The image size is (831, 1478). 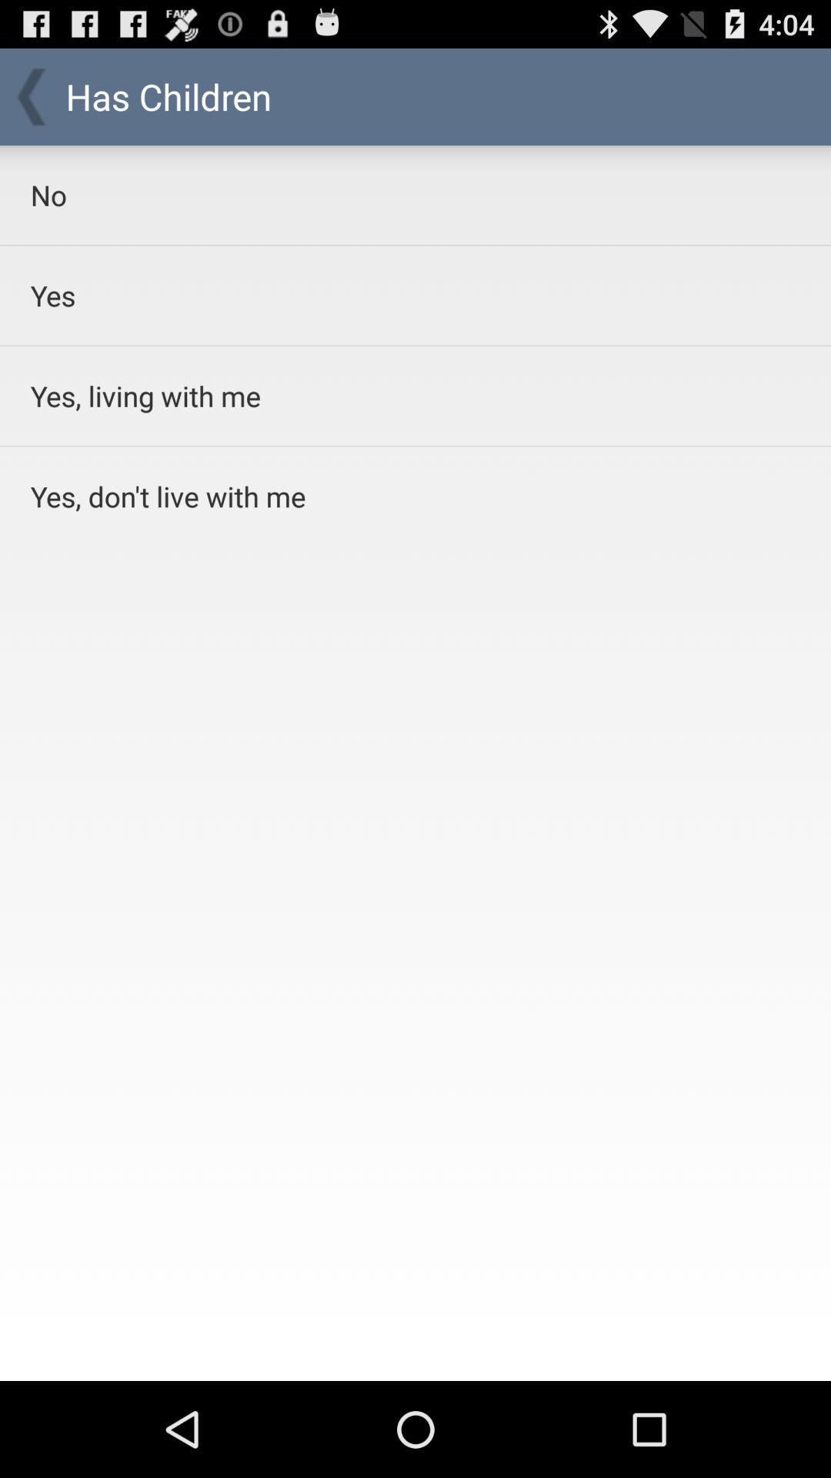 What do you see at coordinates (376, 194) in the screenshot?
I see `the no icon` at bounding box center [376, 194].